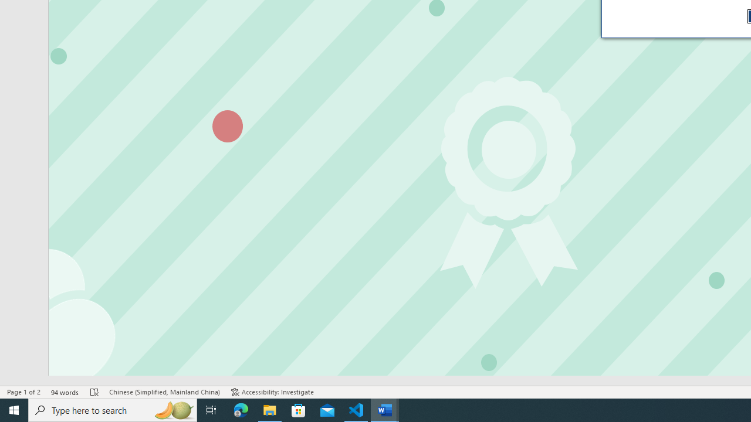 The image size is (751, 422). What do you see at coordinates (299, 409) in the screenshot?
I see `'Microsoft Store'` at bounding box center [299, 409].